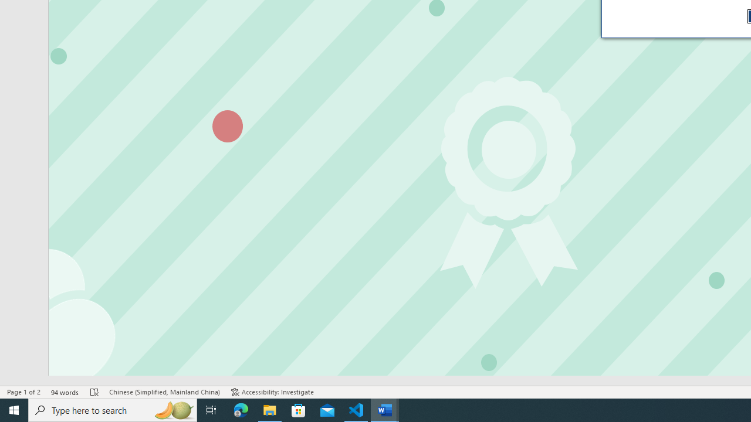 The image size is (751, 422). What do you see at coordinates (299, 409) in the screenshot?
I see `'Microsoft Store'` at bounding box center [299, 409].